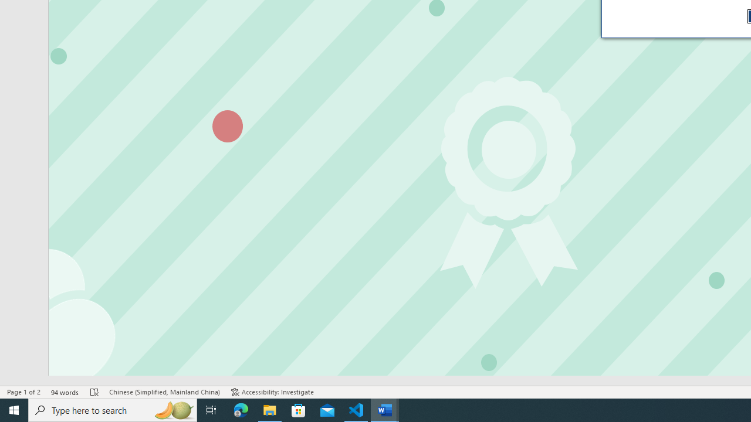 The image size is (751, 422). What do you see at coordinates (299, 409) in the screenshot?
I see `'Microsoft Store'` at bounding box center [299, 409].